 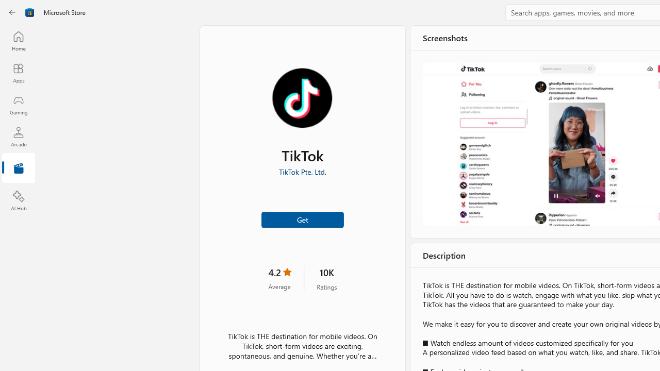 I want to click on 'Arcade', so click(x=18, y=136).